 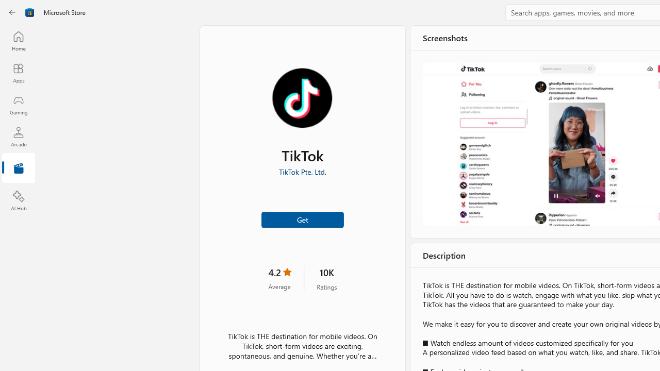 I want to click on 'Arcade', so click(x=18, y=136).